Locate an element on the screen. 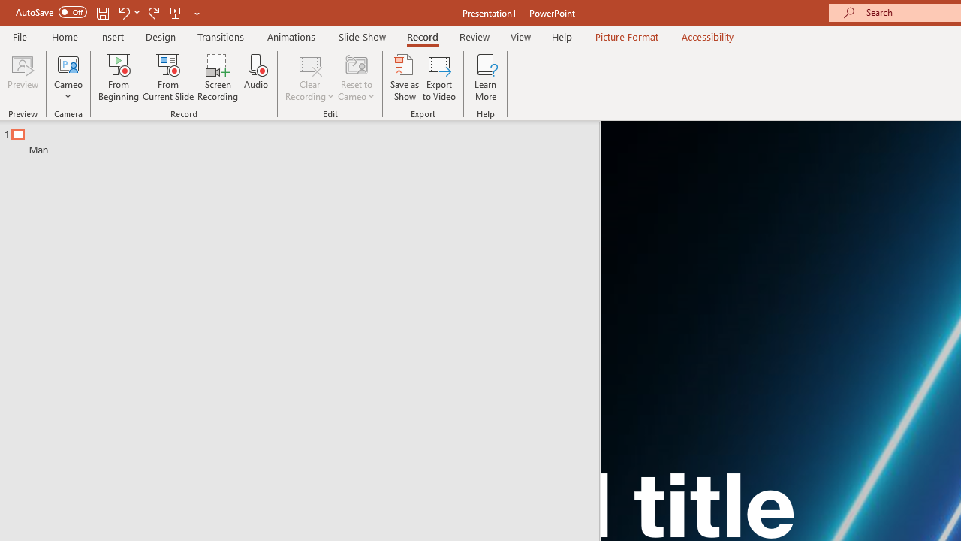  'AutoSave' is located at coordinates (51, 12).